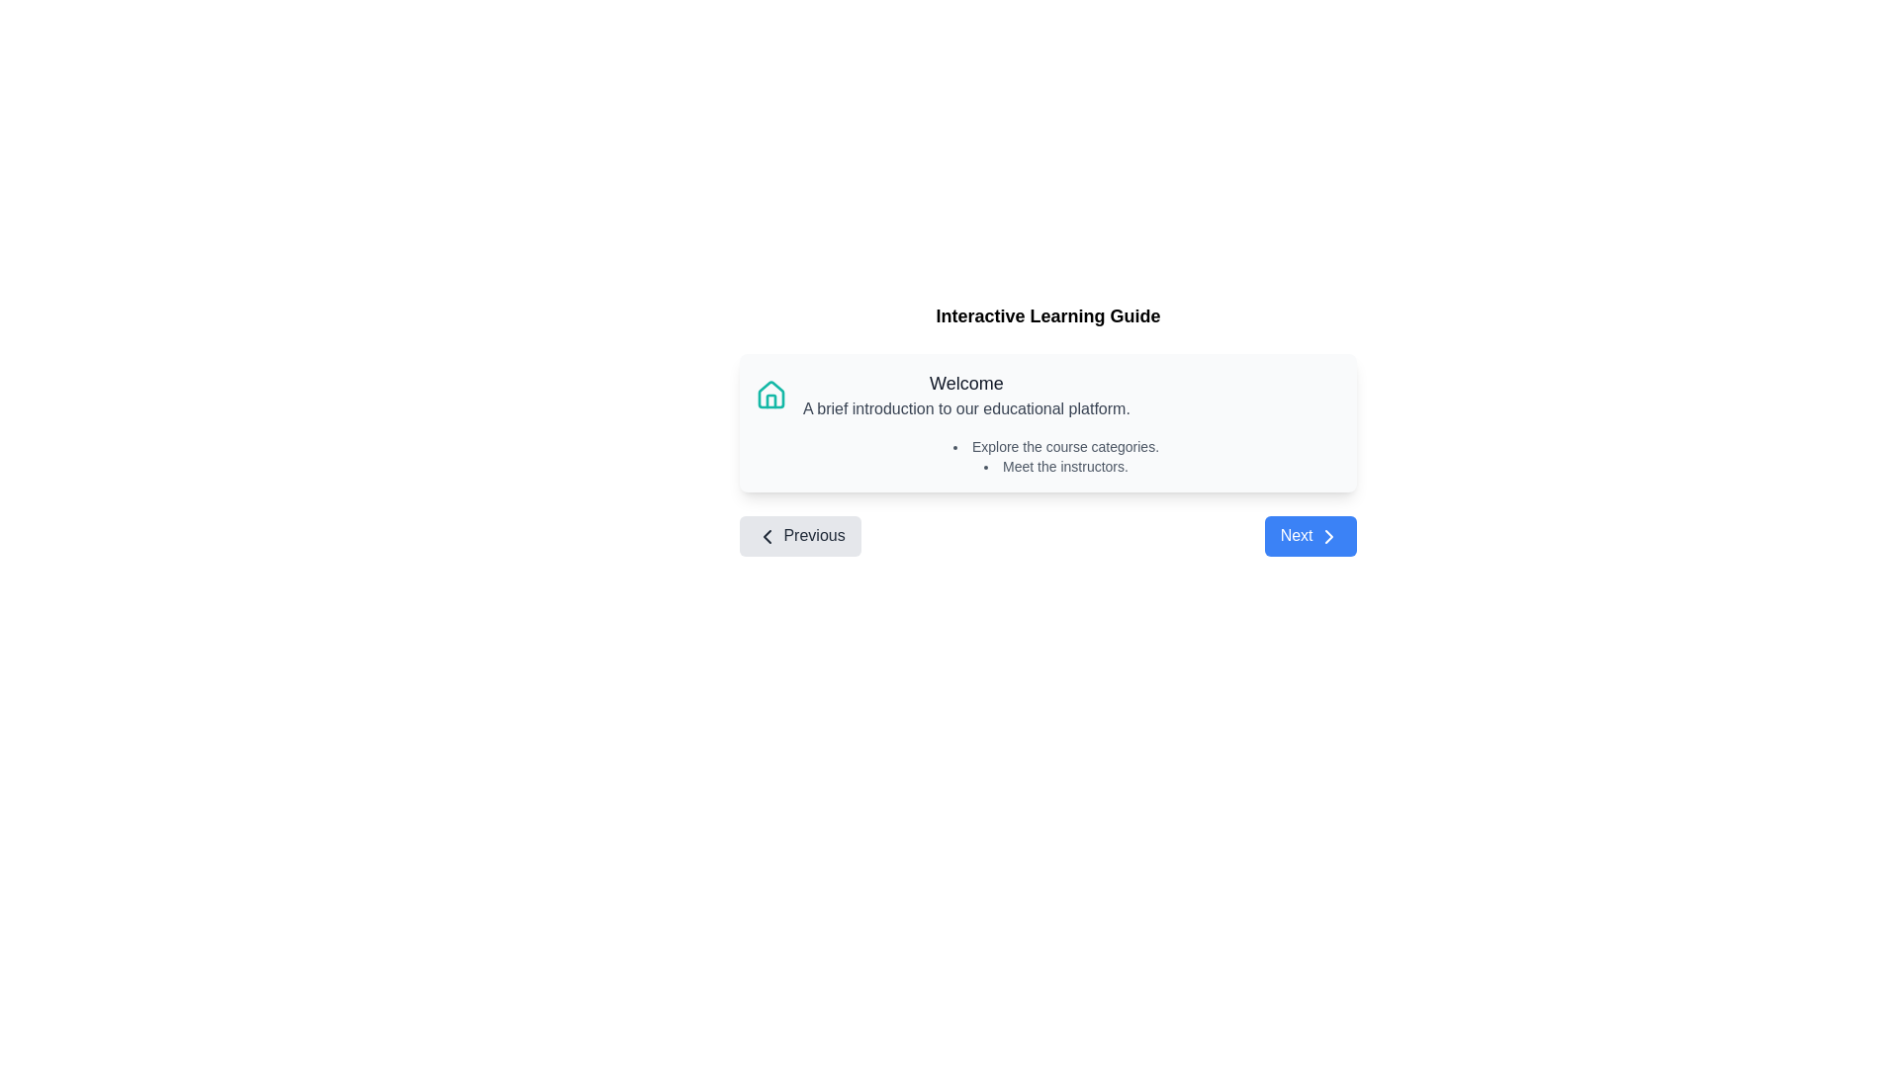  I want to click on the textual list item that reads 'Explore the course categories.', which is the first item in a bulleted list under the 'Welcome' header, so click(1055, 446).